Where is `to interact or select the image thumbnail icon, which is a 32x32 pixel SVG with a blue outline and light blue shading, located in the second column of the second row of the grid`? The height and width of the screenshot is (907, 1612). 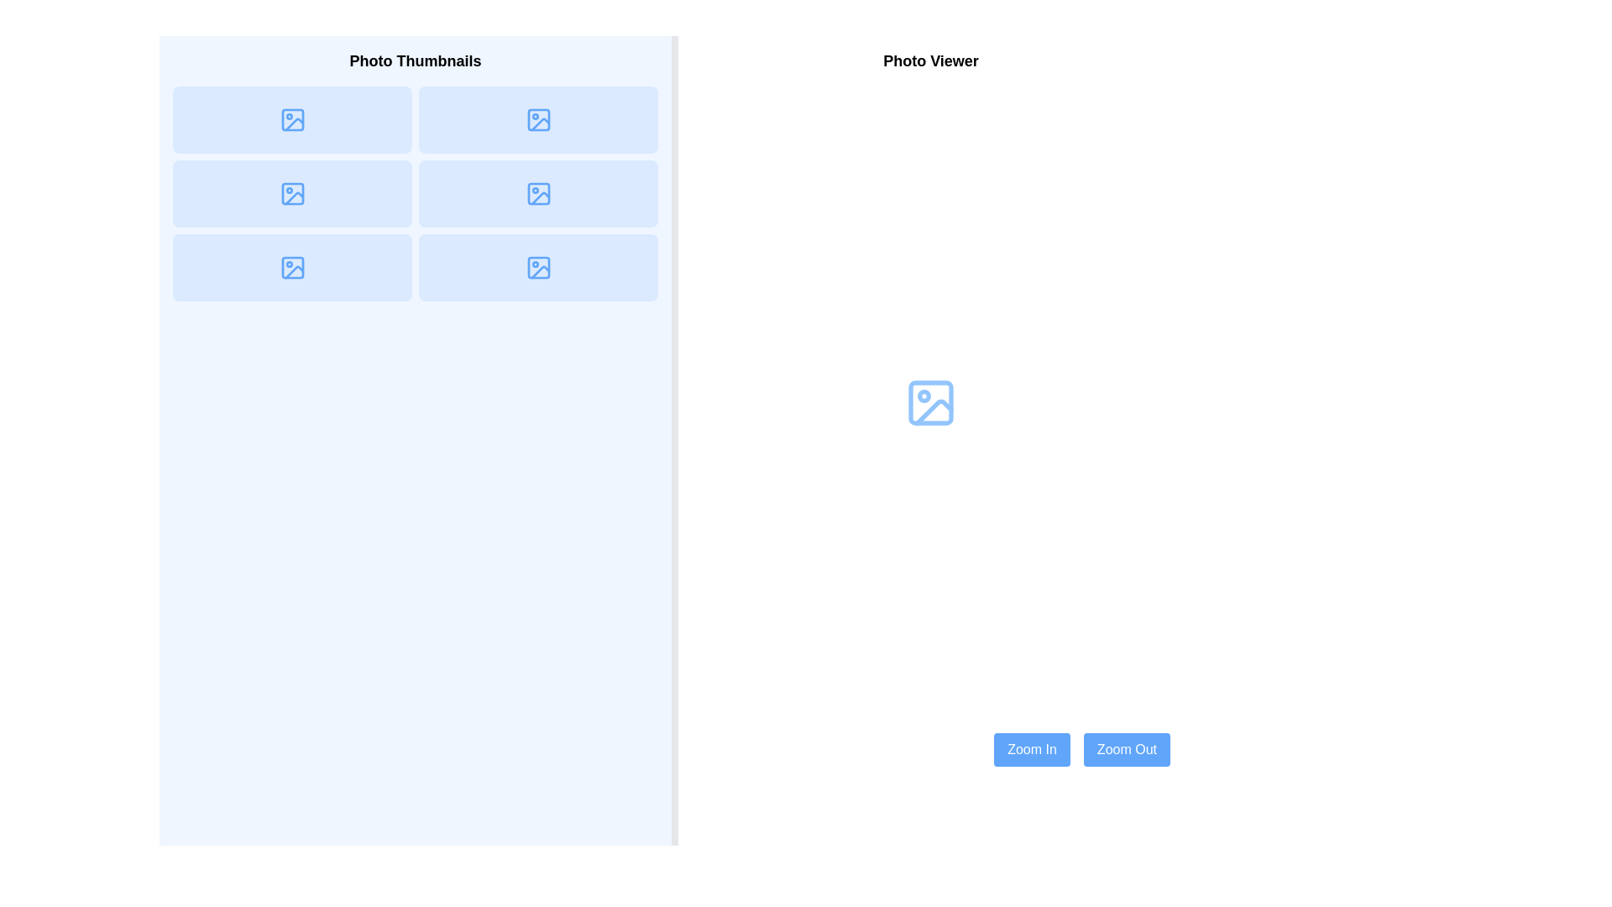
to interact or select the image thumbnail icon, which is a 32x32 pixel SVG with a blue outline and light blue shading, located in the second column of the second row of the grid is located at coordinates (538, 193).